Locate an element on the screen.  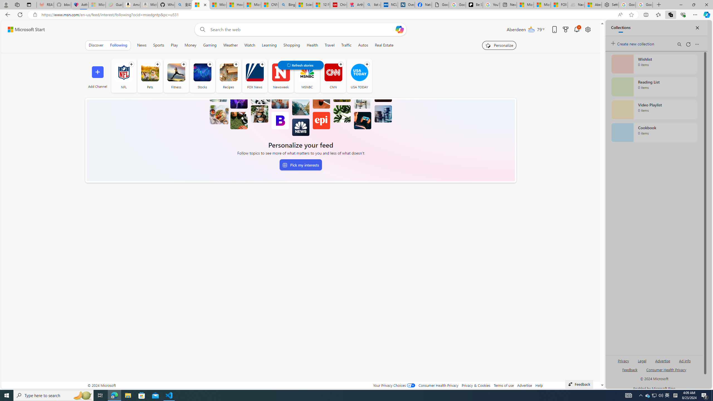
'Newsweek' is located at coordinates (280, 75).